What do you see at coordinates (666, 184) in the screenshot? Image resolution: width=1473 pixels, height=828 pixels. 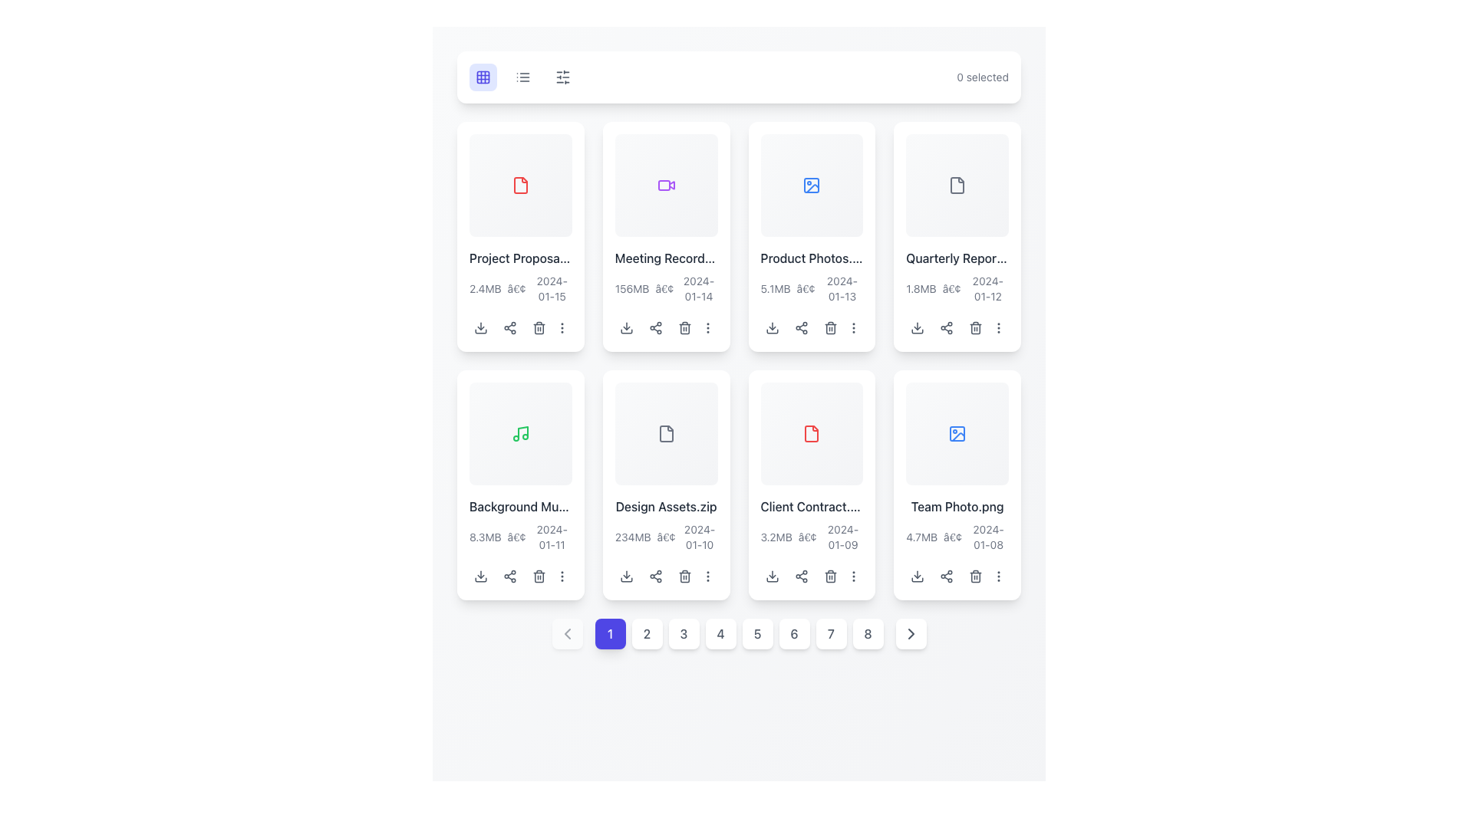 I see `the video file icon representing 'Meeting Recording.mp4' located at the top section of the card` at bounding box center [666, 184].